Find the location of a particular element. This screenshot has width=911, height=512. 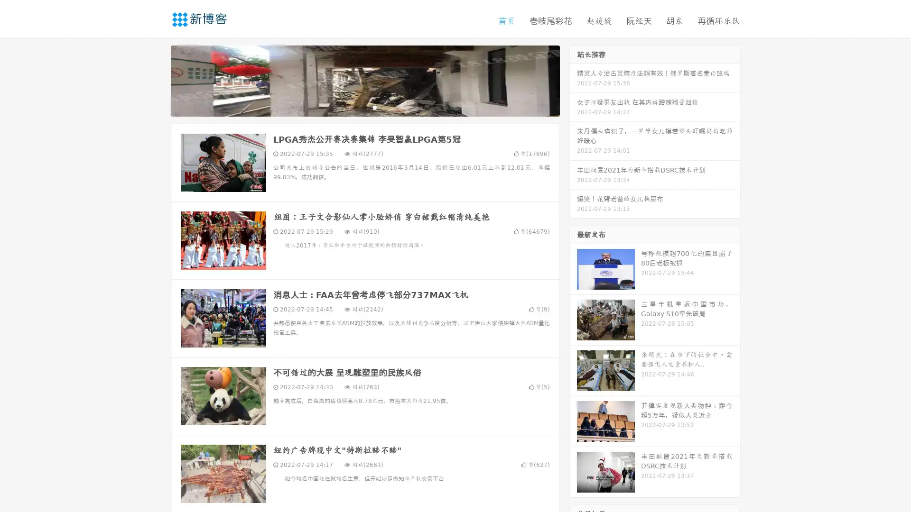

Next slide is located at coordinates (573, 80).